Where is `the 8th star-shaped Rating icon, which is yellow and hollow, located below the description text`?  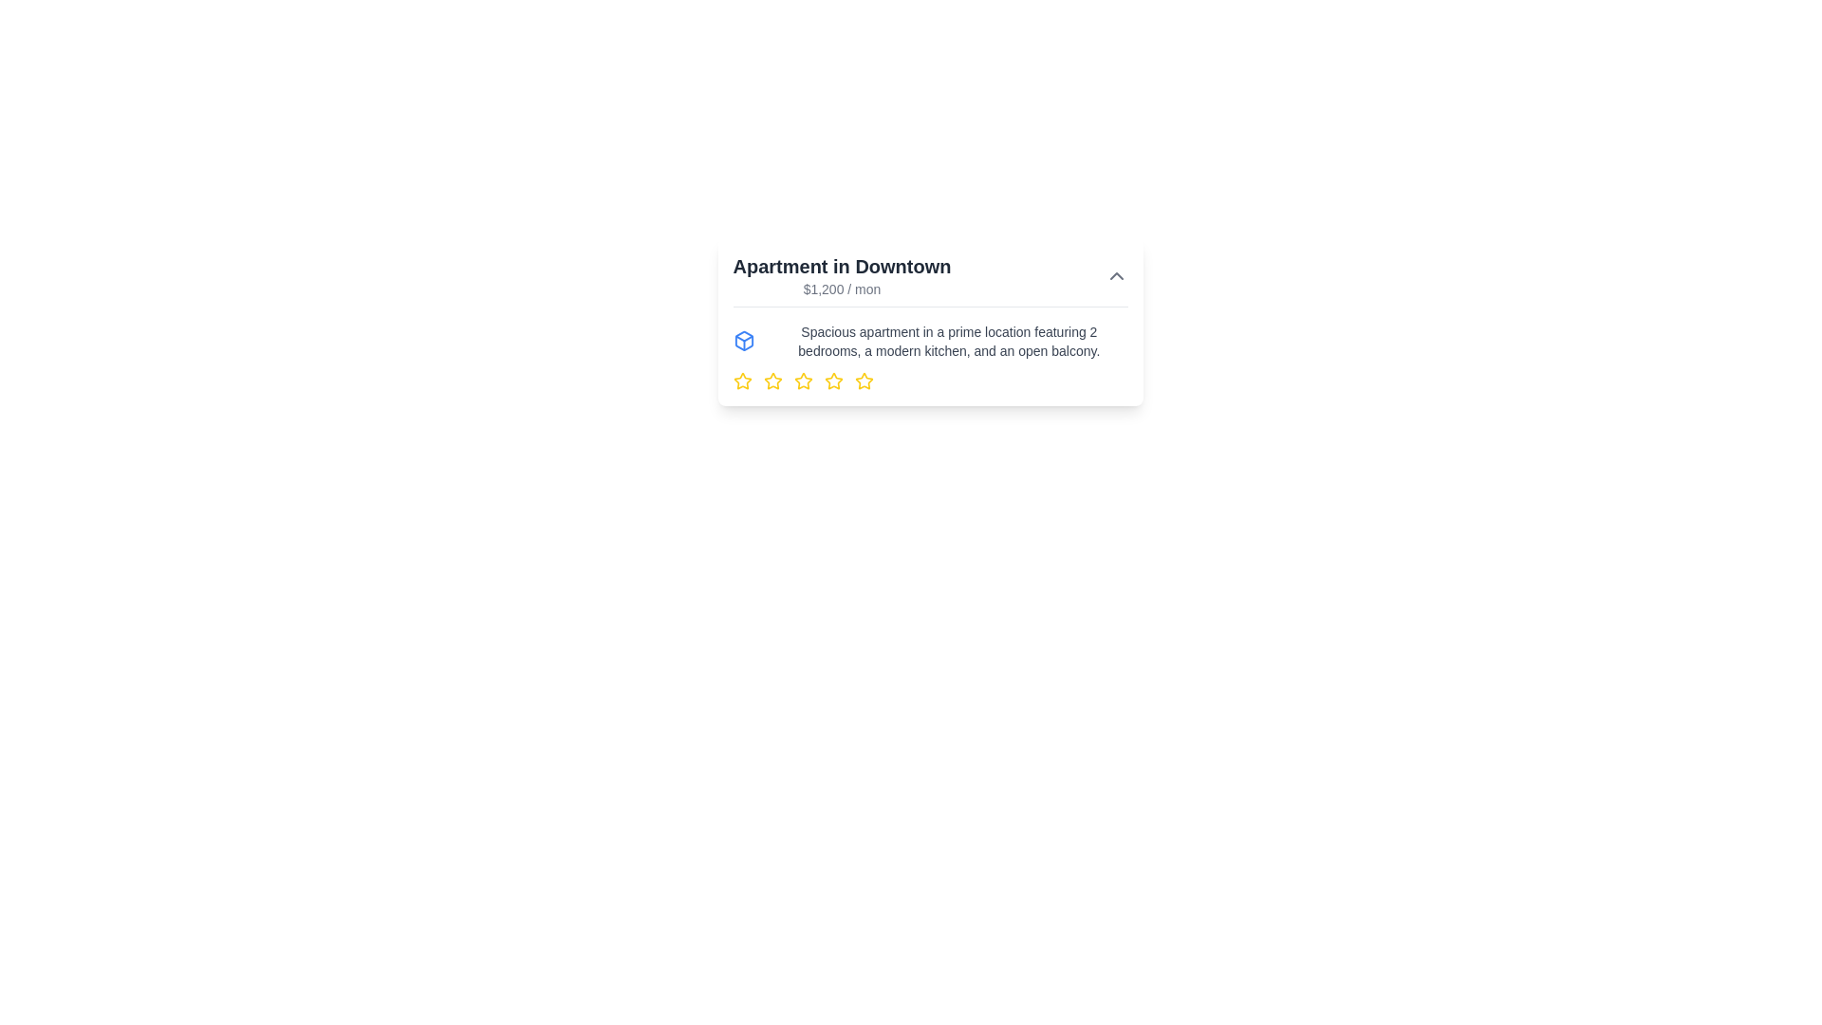
the 8th star-shaped Rating icon, which is yellow and hollow, located below the description text is located at coordinates (863, 381).